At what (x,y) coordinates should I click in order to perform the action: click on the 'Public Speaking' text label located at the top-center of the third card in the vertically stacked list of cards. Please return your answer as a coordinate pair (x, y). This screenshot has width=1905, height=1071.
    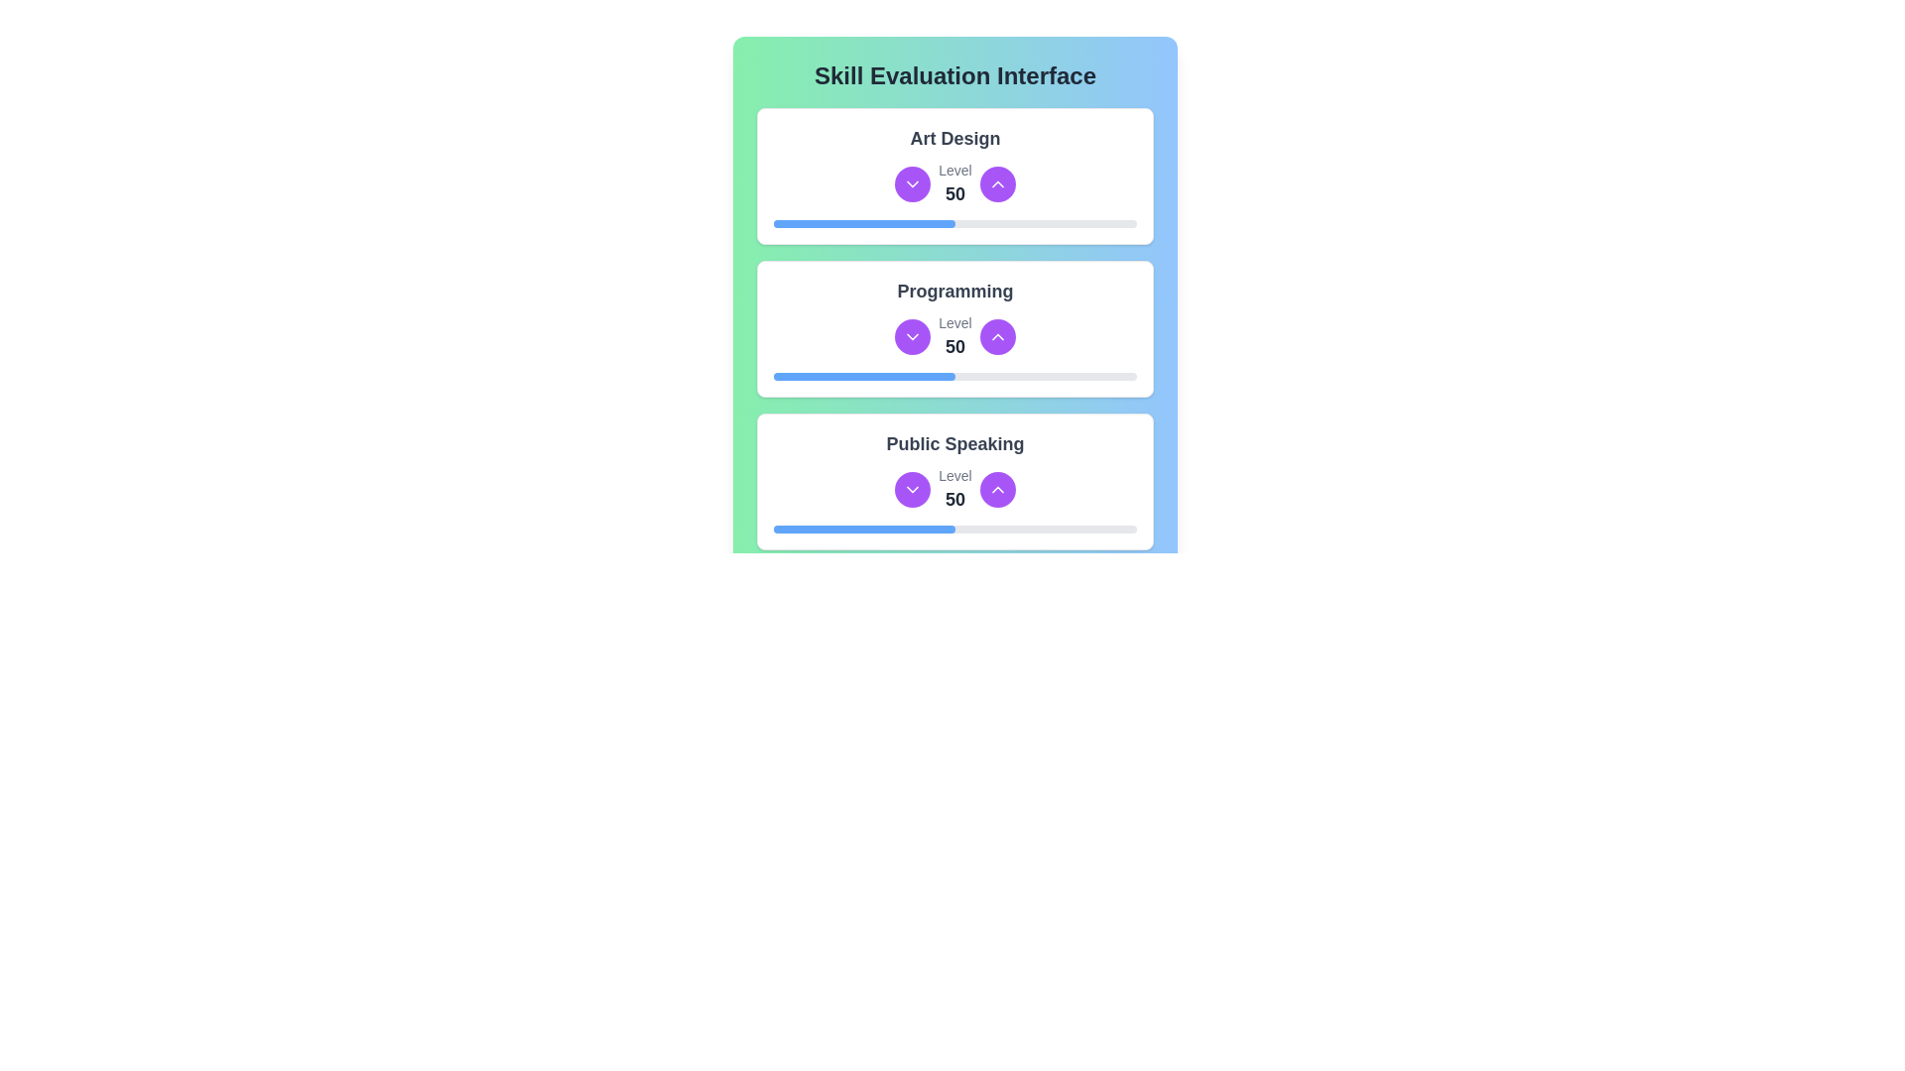
    Looking at the image, I should click on (955, 442).